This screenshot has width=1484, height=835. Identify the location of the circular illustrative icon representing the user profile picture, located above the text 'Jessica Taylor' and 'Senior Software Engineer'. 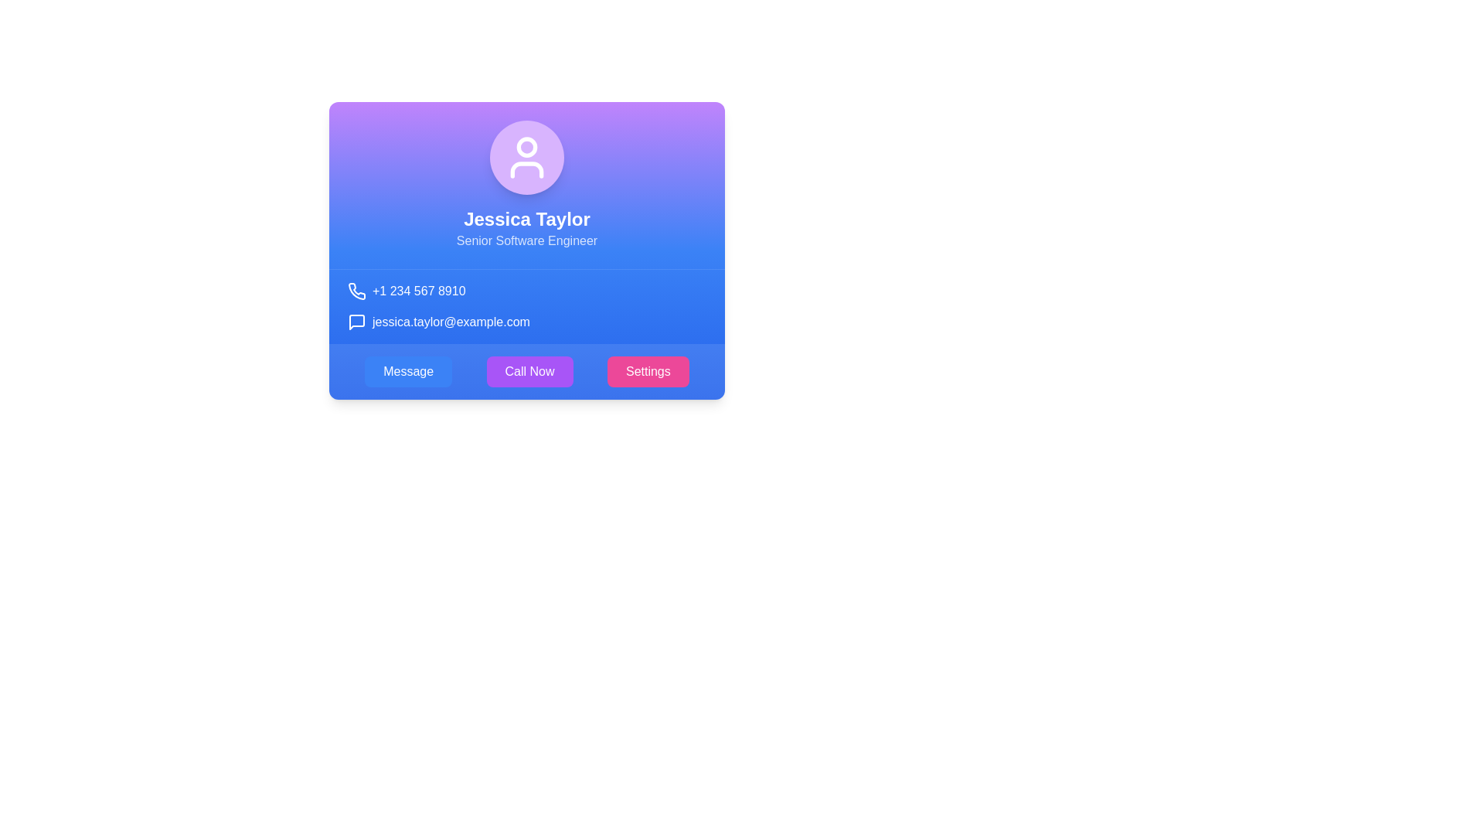
(526, 158).